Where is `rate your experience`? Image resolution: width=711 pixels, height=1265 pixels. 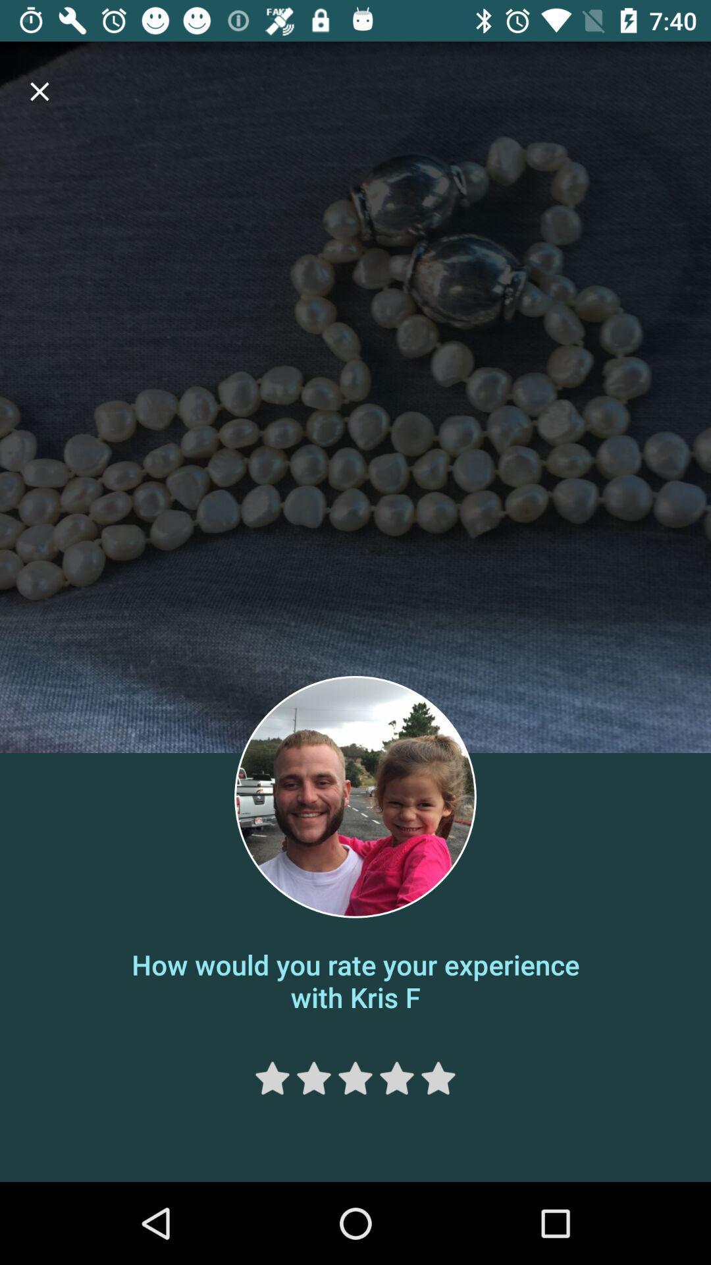 rate your experience is located at coordinates (396, 1078).